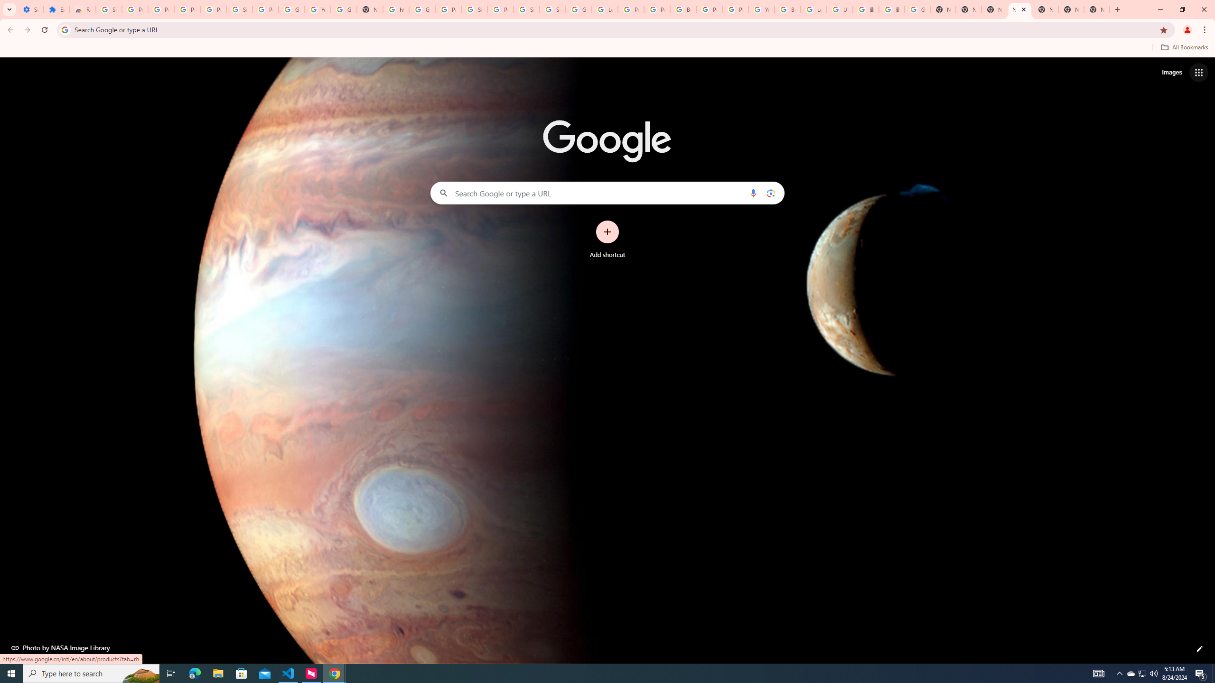 This screenshot has height=683, width=1215. I want to click on 'Google Images', so click(917, 9).